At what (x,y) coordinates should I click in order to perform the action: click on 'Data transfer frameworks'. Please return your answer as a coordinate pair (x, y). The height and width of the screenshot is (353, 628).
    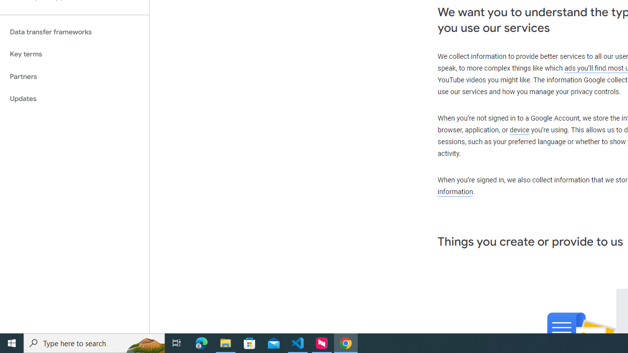
    Looking at the image, I should click on (74, 31).